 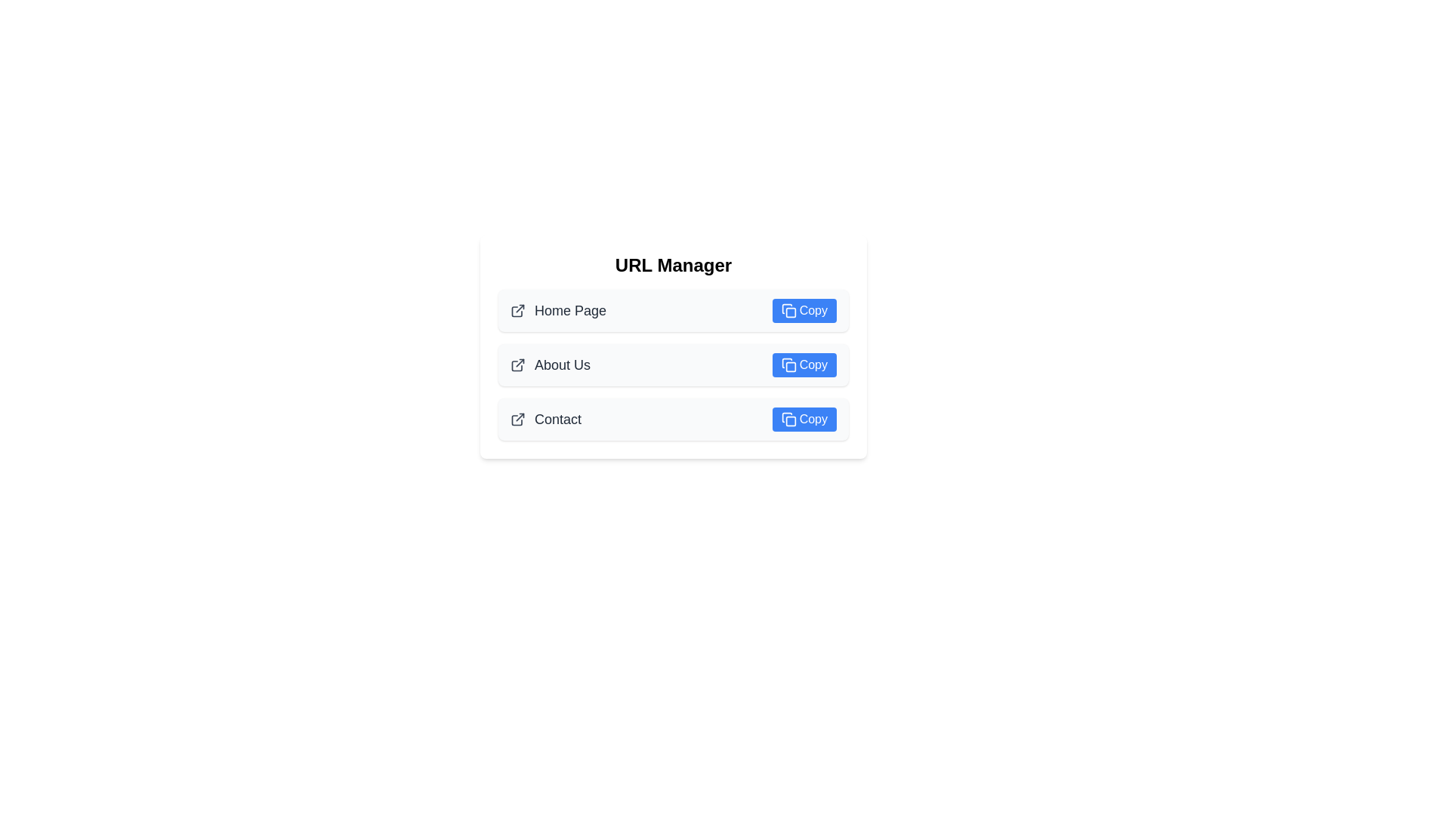 What do you see at coordinates (518, 364) in the screenshot?
I see `the external link icon located to the left of the 'About Us' text under the 'URL Manager' heading` at bounding box center [518, 364].